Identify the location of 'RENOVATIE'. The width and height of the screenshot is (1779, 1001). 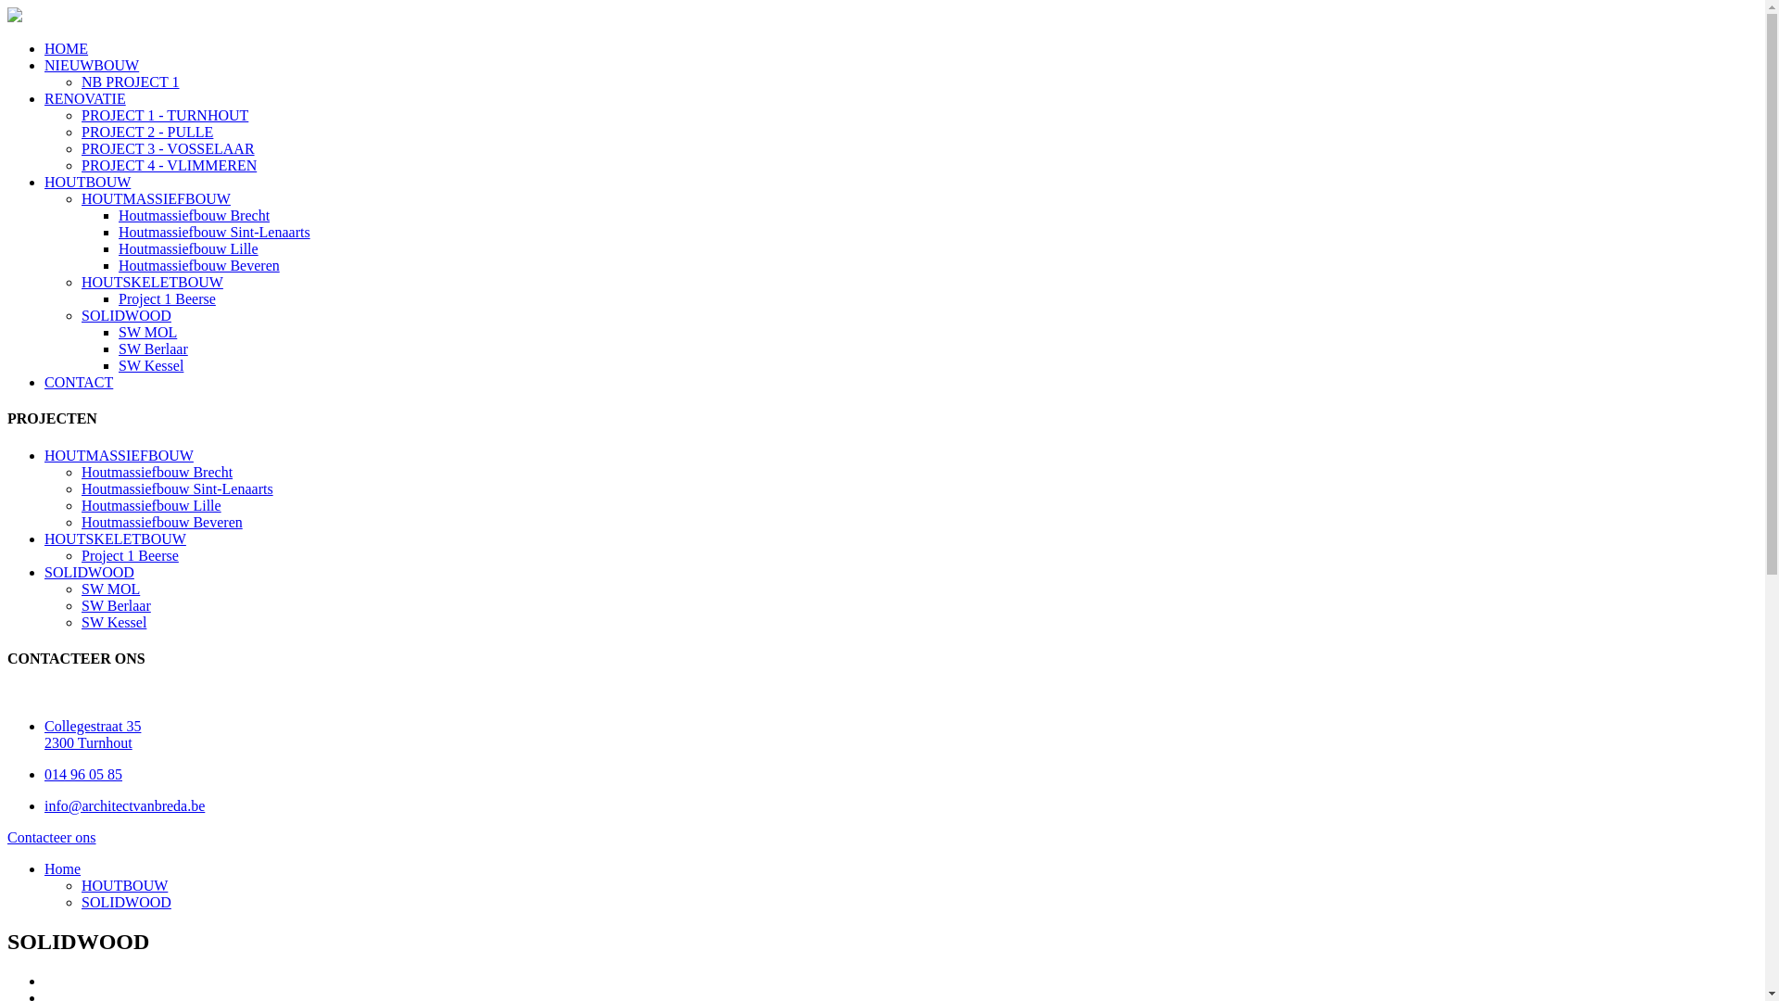
(83, 98).